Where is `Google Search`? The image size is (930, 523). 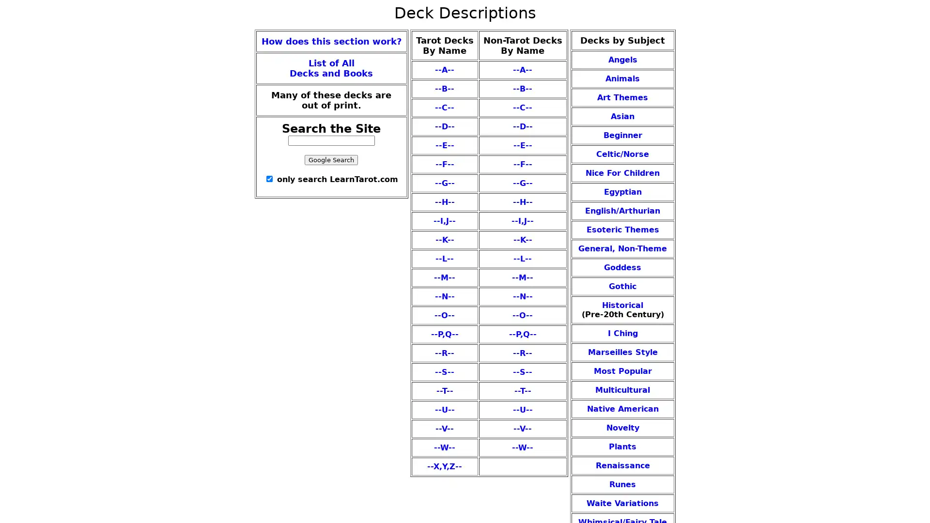 Google Search is located at coordinates (331, 159).